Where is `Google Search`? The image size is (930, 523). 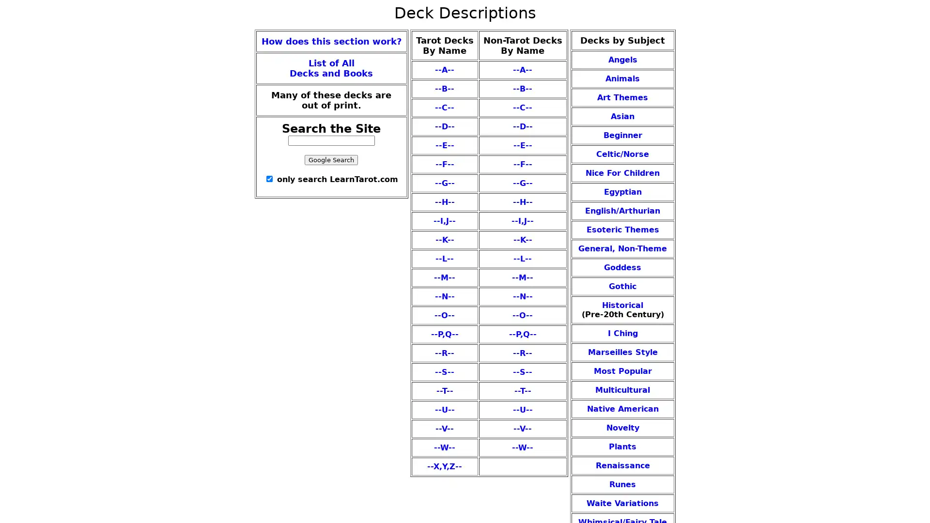 Google Search is located at coordinates (331, 159).